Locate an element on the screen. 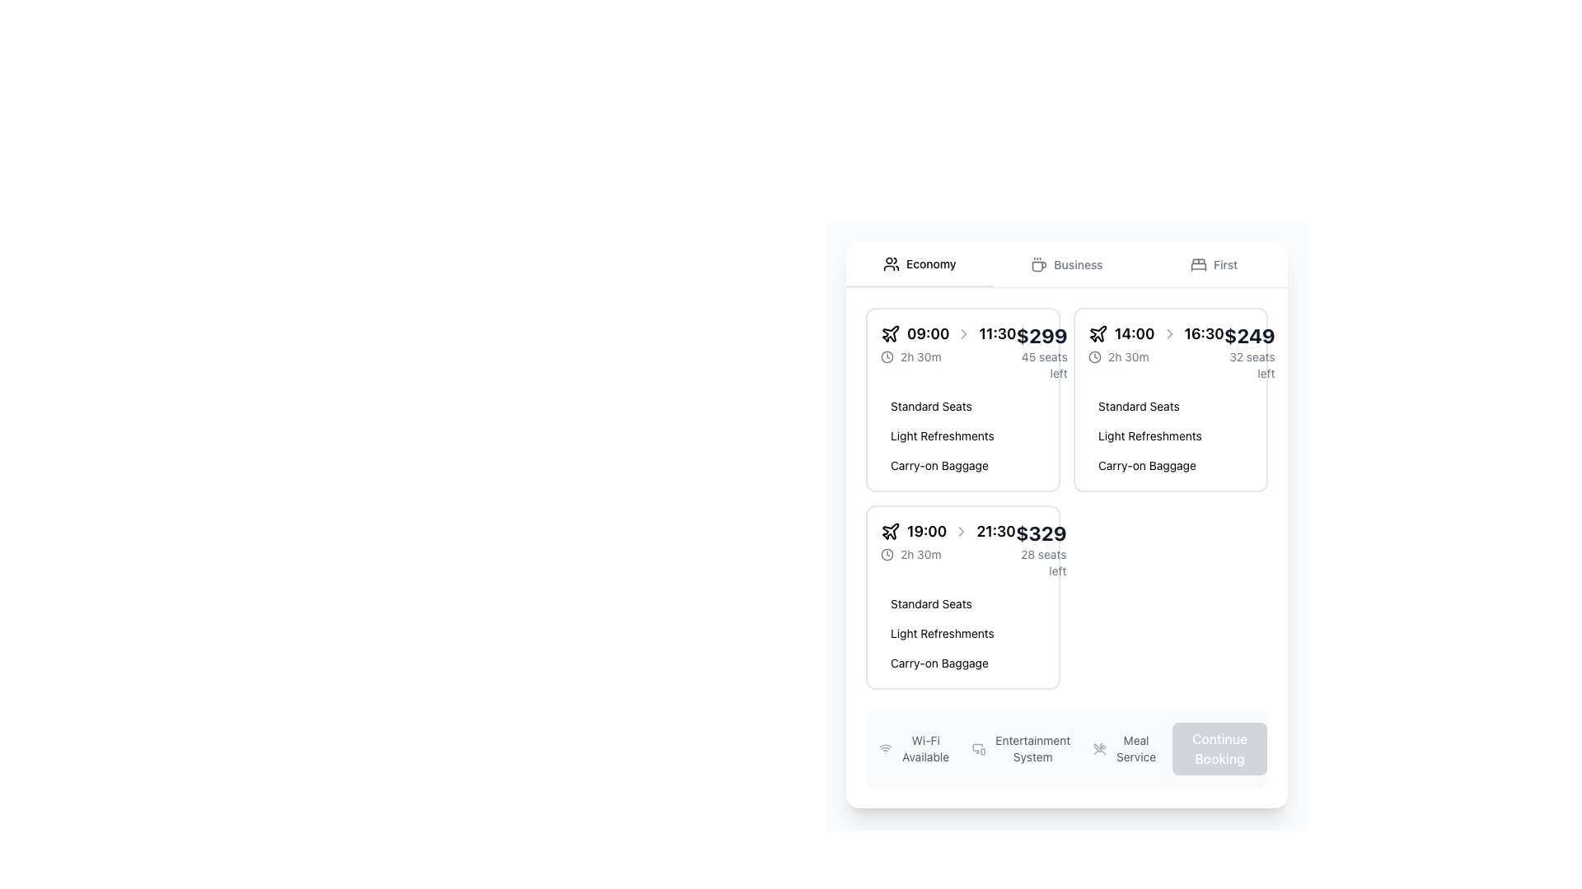 The image size is (1582, 889). the airplane icon, which is styled with a blue color and has a modern stroke design, located towards the top left of its group, to the left of the departure time and duration is located at coordinates (889, 333).